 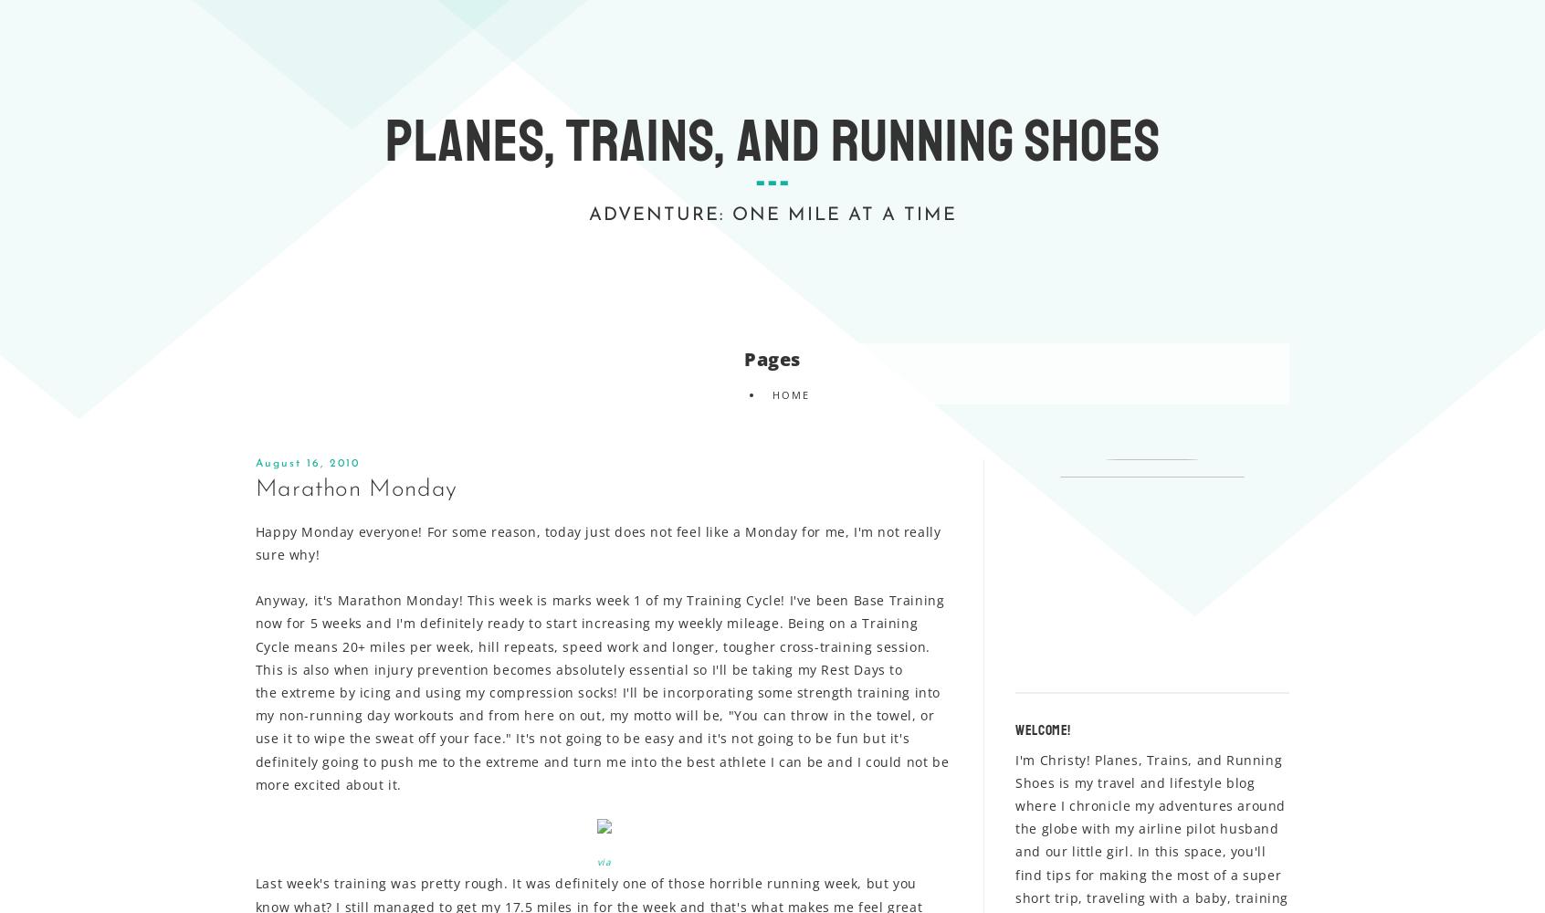 What do you see at coordinates (597, 541) in the screenshot?
I see `'Happy Monday everyone! For some reason, today just does not feel like a Monday for me, I'm not really sure why!'` at bounding box center [597, 541].